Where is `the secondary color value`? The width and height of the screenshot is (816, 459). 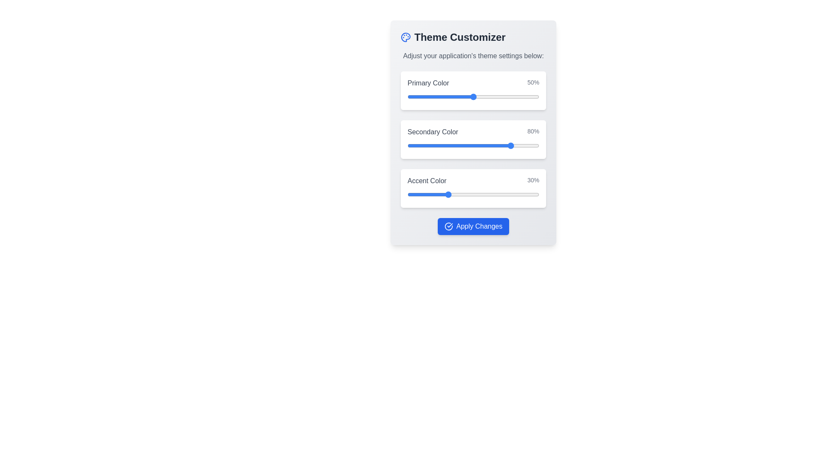 the secondary color value is located at coordinates (449, 145).